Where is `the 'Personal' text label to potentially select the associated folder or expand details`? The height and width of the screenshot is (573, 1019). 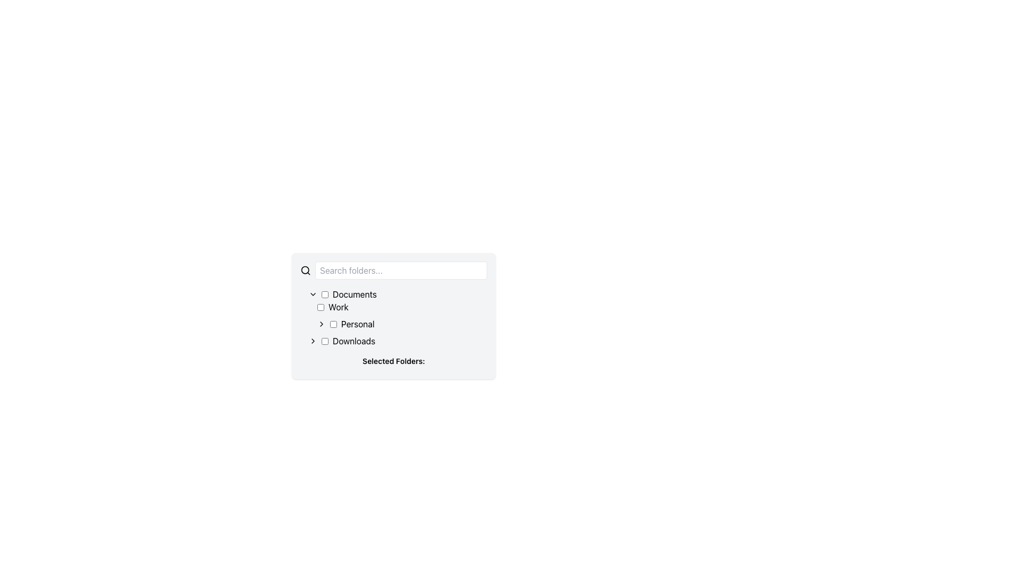
the 'Personal' text label to potentially select the associated folder or expand details is located at coordinates (358, 323).